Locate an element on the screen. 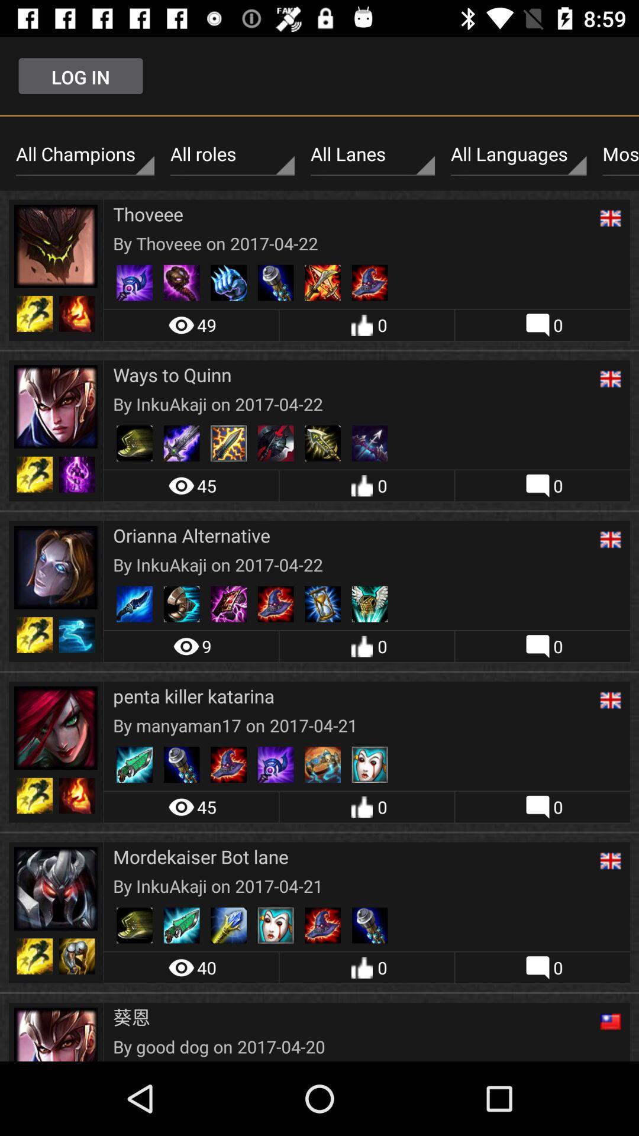  the icon to the right of the all roles icon is located at coordinates (372, 154).